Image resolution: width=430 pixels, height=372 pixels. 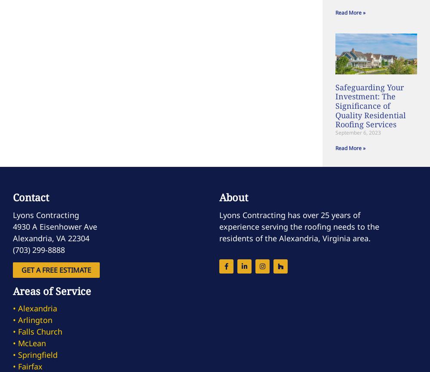 What do you see at coordinates (233, 197) in the screenshot?
I see `'About'` at bounding box center [233, 197].